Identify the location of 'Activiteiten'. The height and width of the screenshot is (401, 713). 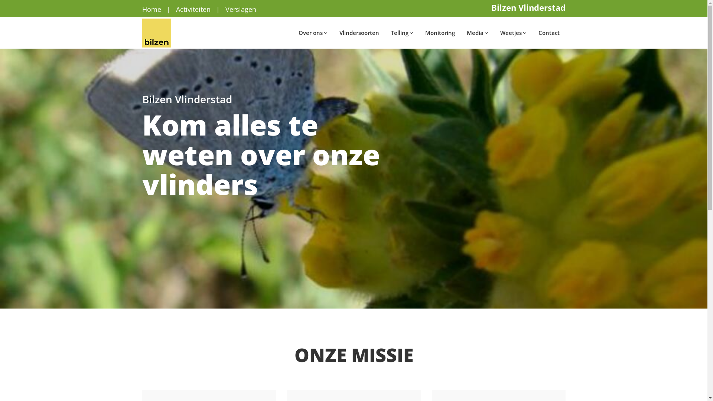
(176, 9).